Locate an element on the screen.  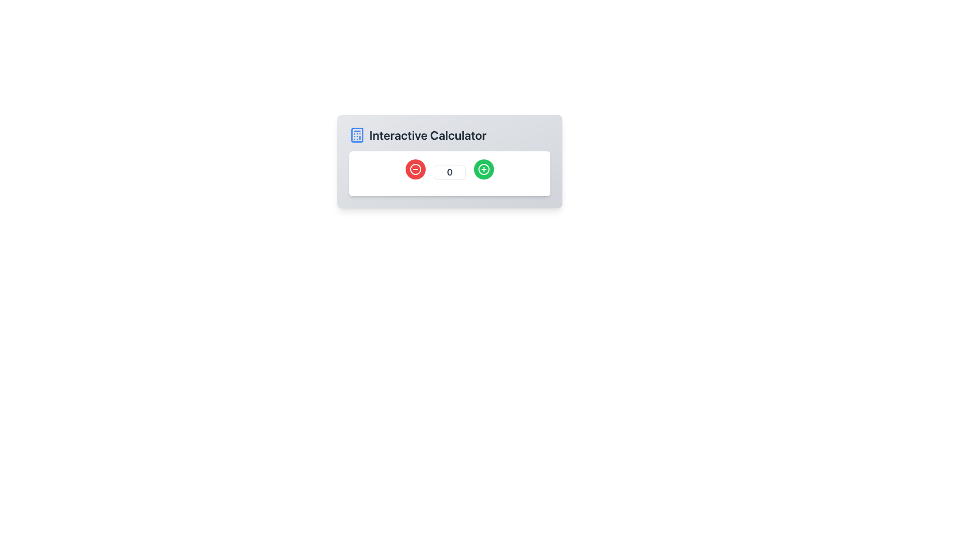
the increment button located on the right side of the Interactive Calculator interface to increase the displayed numeric value is located at coordinates (484, 168).